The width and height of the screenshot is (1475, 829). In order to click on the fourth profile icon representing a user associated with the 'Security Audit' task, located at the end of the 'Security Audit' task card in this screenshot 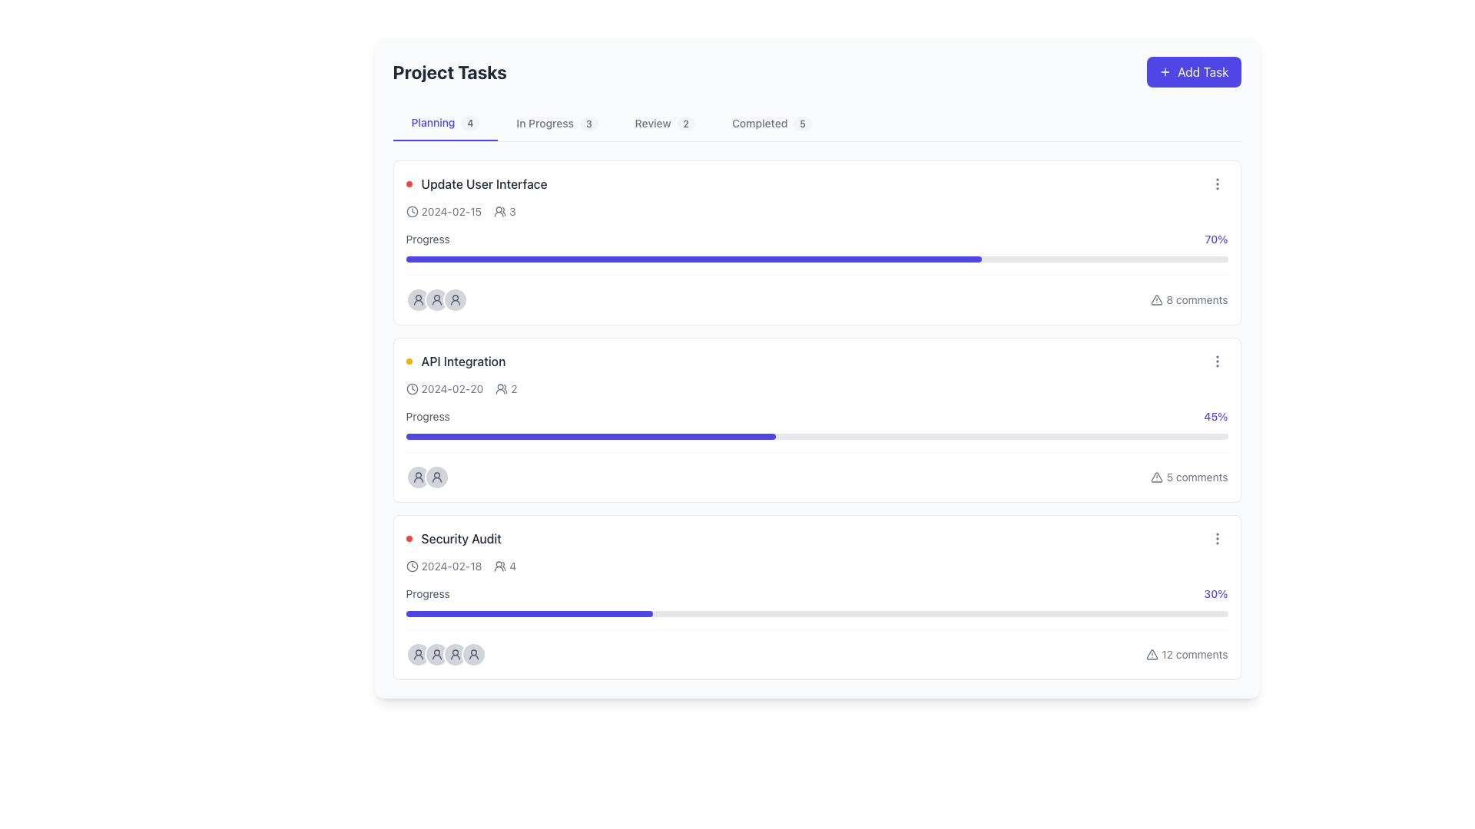, I will do `click(472, 654)`.